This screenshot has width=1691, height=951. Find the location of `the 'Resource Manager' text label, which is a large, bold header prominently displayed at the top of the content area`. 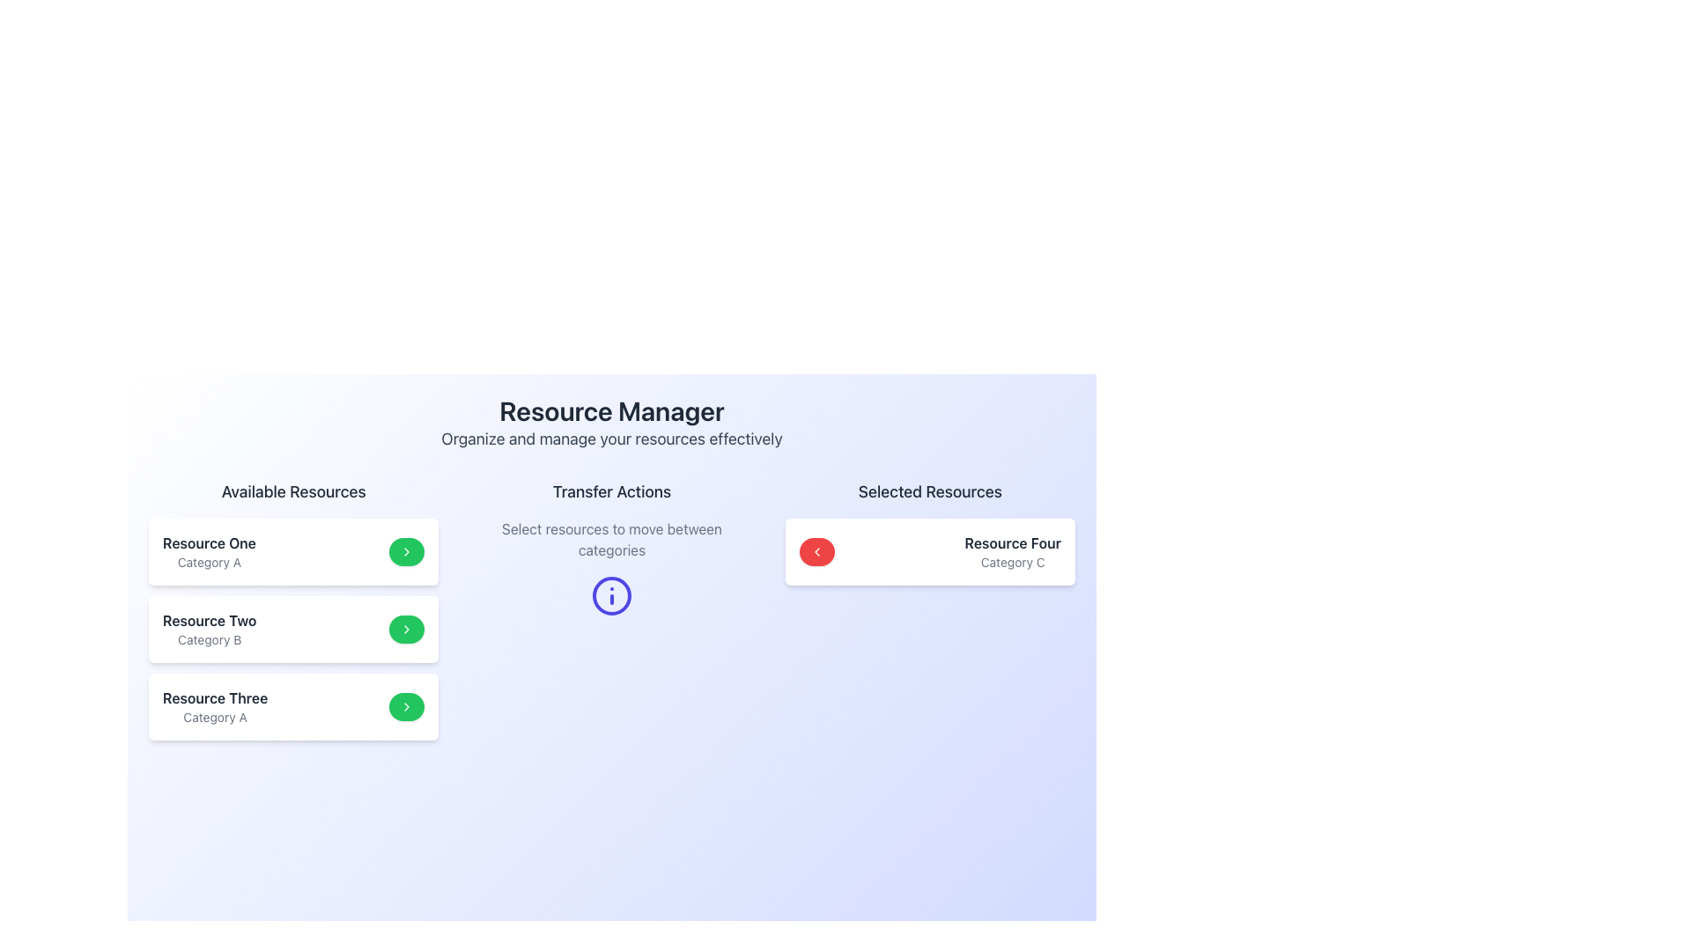

the 'Resource Manager' text label, which is a large, bold header prominently displayed at the top of the content area is located at coordinates (612, 410).